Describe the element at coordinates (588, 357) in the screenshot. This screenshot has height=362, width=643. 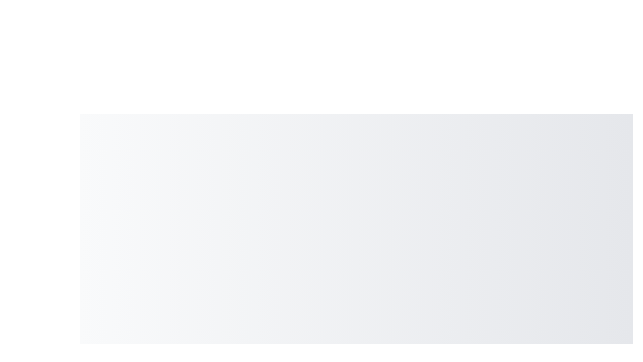
I see `the speed dial button to toggle the menu visibility` at that location.